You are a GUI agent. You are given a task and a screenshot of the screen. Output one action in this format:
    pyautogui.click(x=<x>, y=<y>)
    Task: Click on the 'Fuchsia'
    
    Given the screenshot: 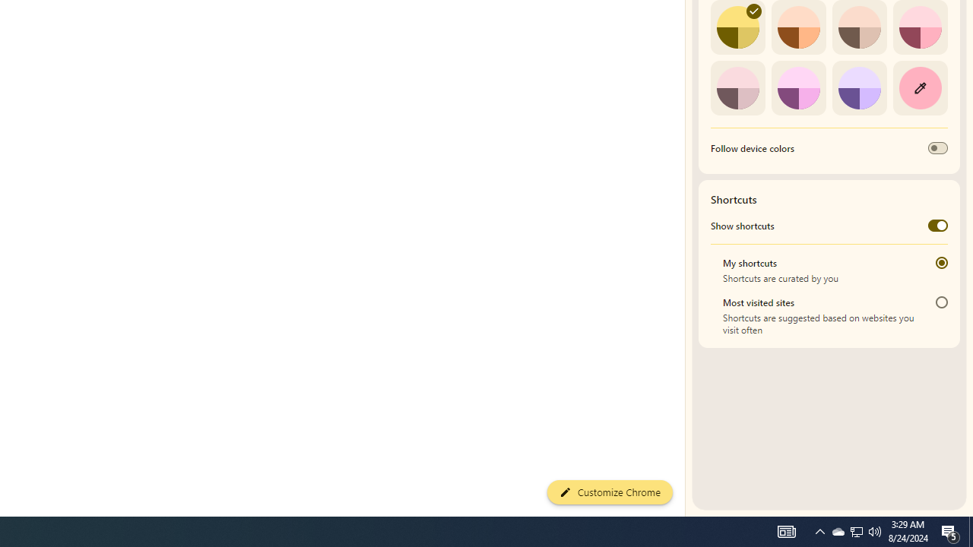 What is the action you would take?
    pyautogui.click(x=797, y=87)
    